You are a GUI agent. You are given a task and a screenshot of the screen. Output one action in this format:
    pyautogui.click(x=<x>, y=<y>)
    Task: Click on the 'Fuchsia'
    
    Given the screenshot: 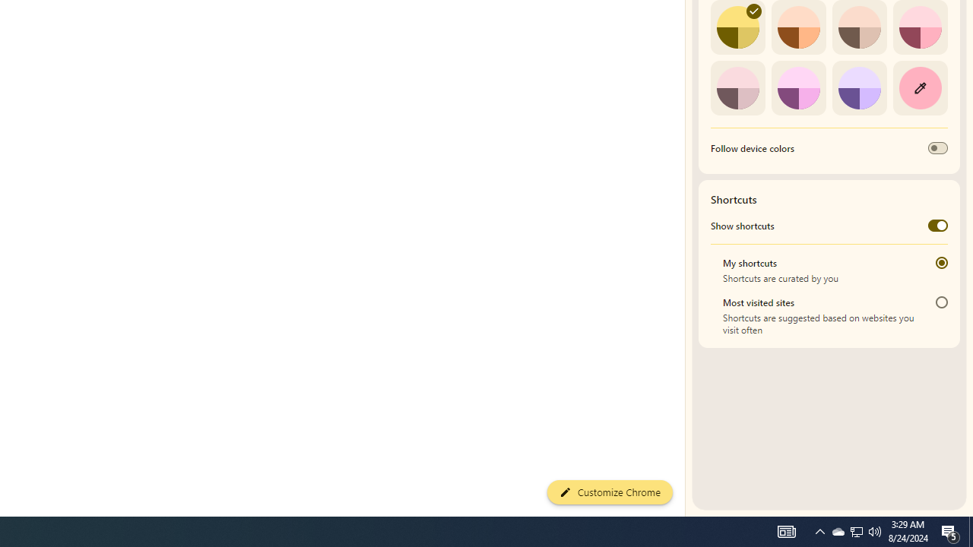 What is the action you would take?
    pyautogui.click(x=797, y=87)
    